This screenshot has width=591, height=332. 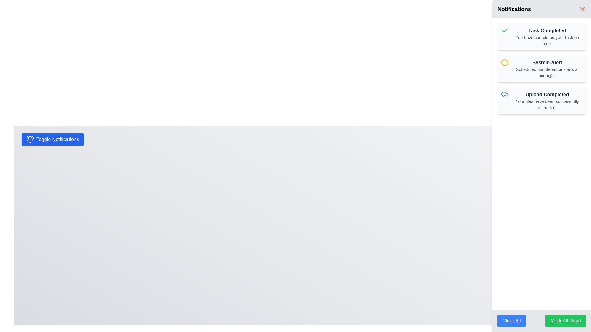 I want to click on the SVG Circle element with a yellow outline representing the visual alert icon within the 'System Alert' notification on the right-side panel, so click(x=505, y=63).